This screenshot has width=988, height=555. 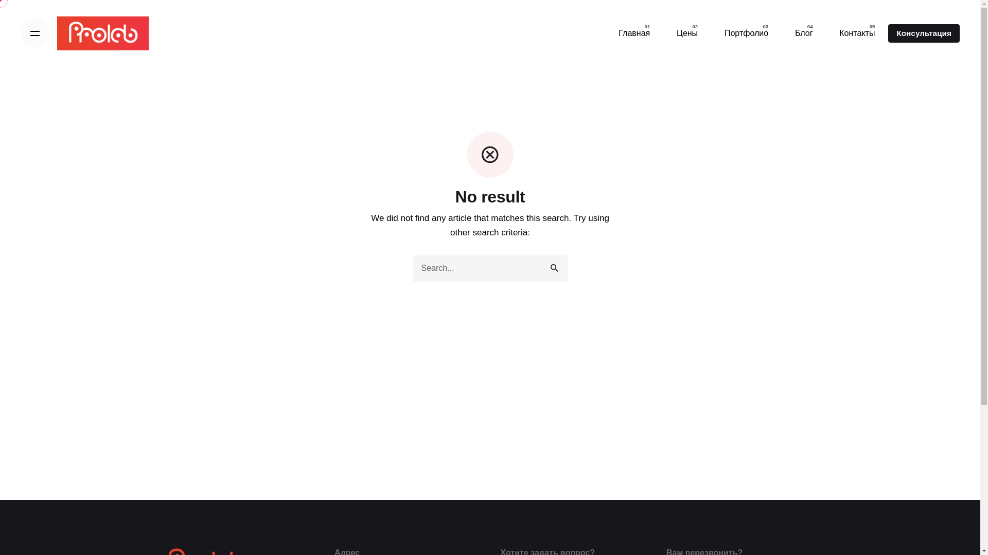 What do you see at coordinates (0, 0) in the screenshot?
I see `'Skip to content'` at bounding box center [0, 0].